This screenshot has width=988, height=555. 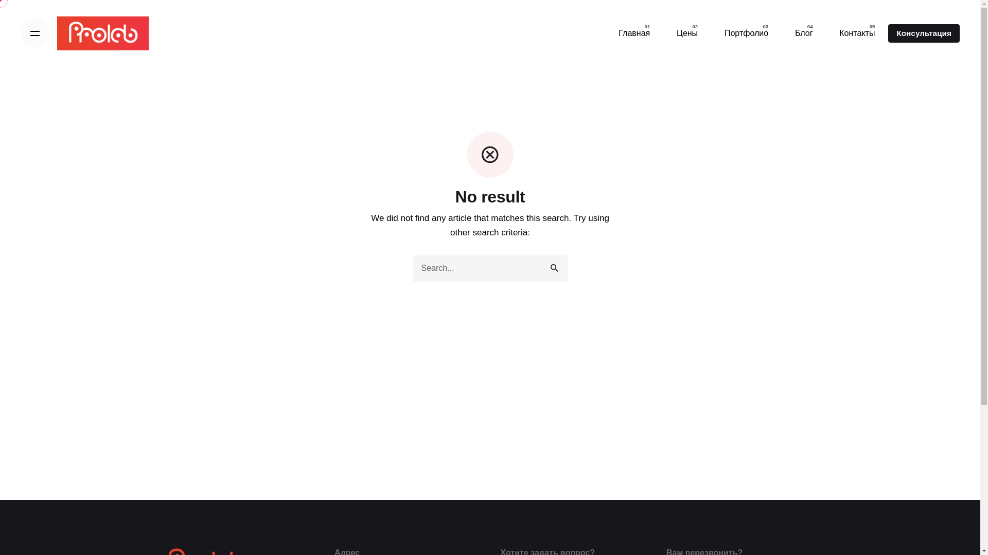 What do you see at coordinates (0, 0) in the screenshot?
I see `'Skip to content'` at bounding box center [0, 0].